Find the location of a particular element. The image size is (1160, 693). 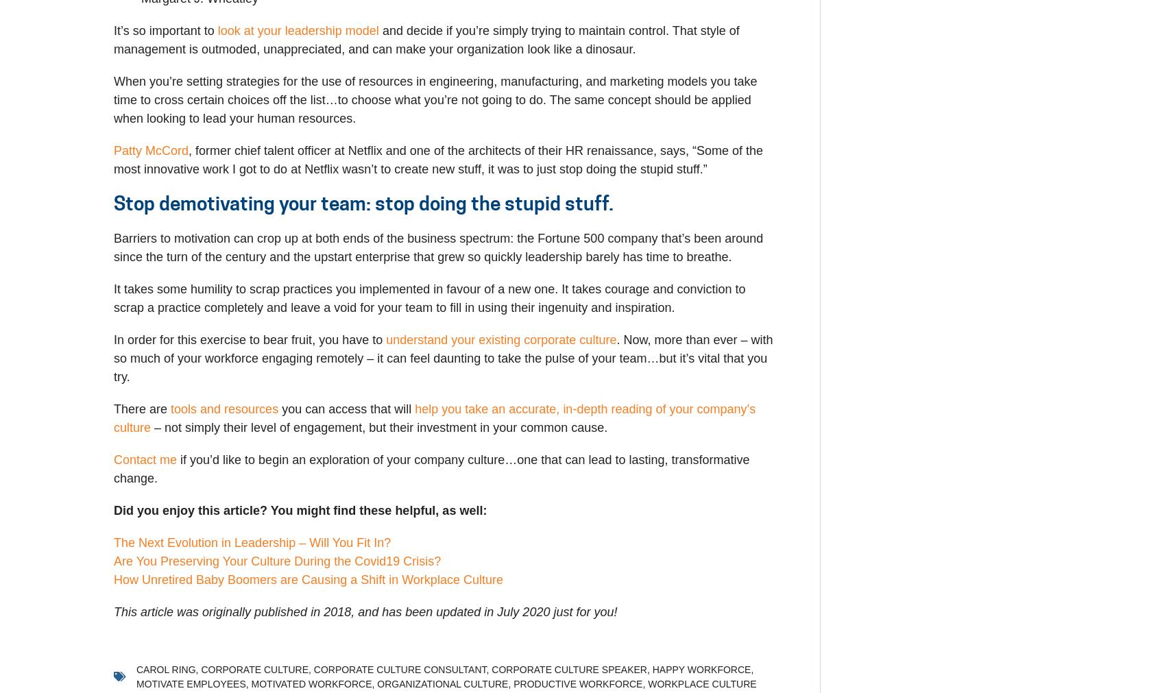

'This article was originally published in 2018, and has been updated in July 2020 just for you!' is located at coordinates (365, 611).